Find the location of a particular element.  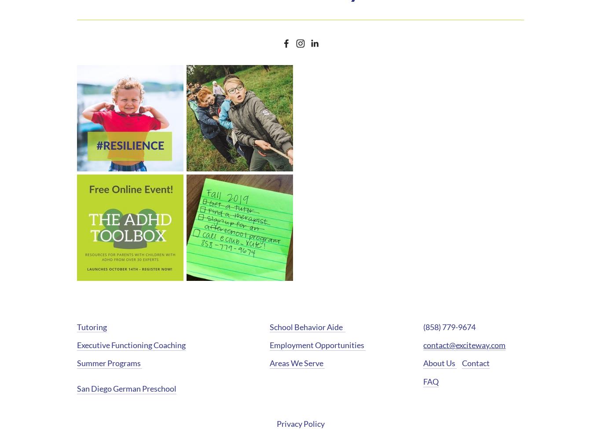

'(858) 779-9674' is located at coordinates (450, 327).